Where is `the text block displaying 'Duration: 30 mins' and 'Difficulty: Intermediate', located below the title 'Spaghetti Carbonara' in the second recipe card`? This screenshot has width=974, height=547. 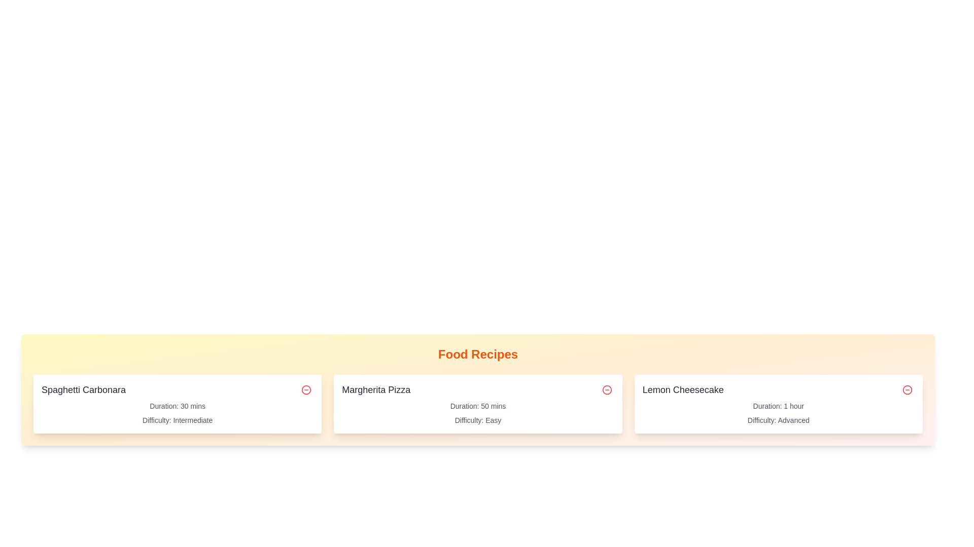
the text block displaying 'Duration: 30 mins' and 'Difficulty: Intermediate', located below the title 'Spaghetti Carbonara' in the second recipe card is located at coordinates (178, 413).